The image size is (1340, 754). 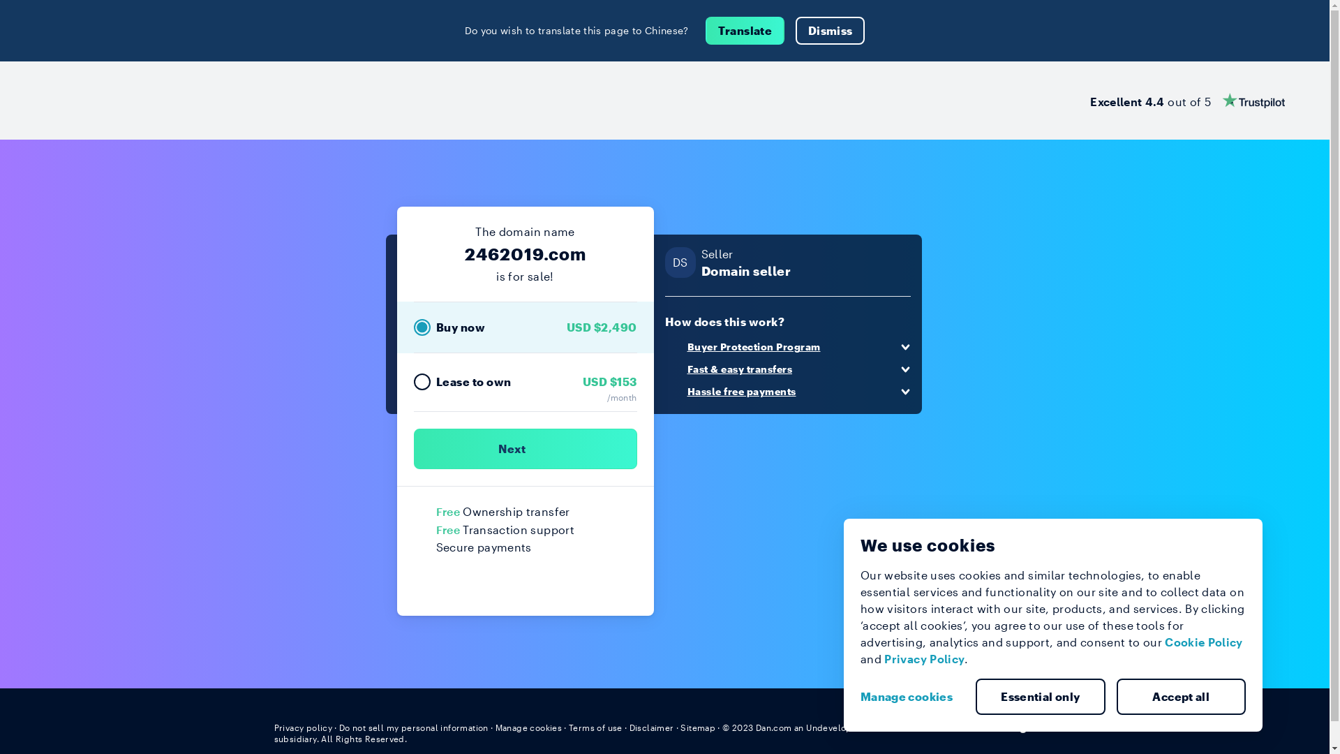 What do you see at coordinates (830, 30) in the screenshot?
I see `'Dismiss'` at bounding box center [830, 30].